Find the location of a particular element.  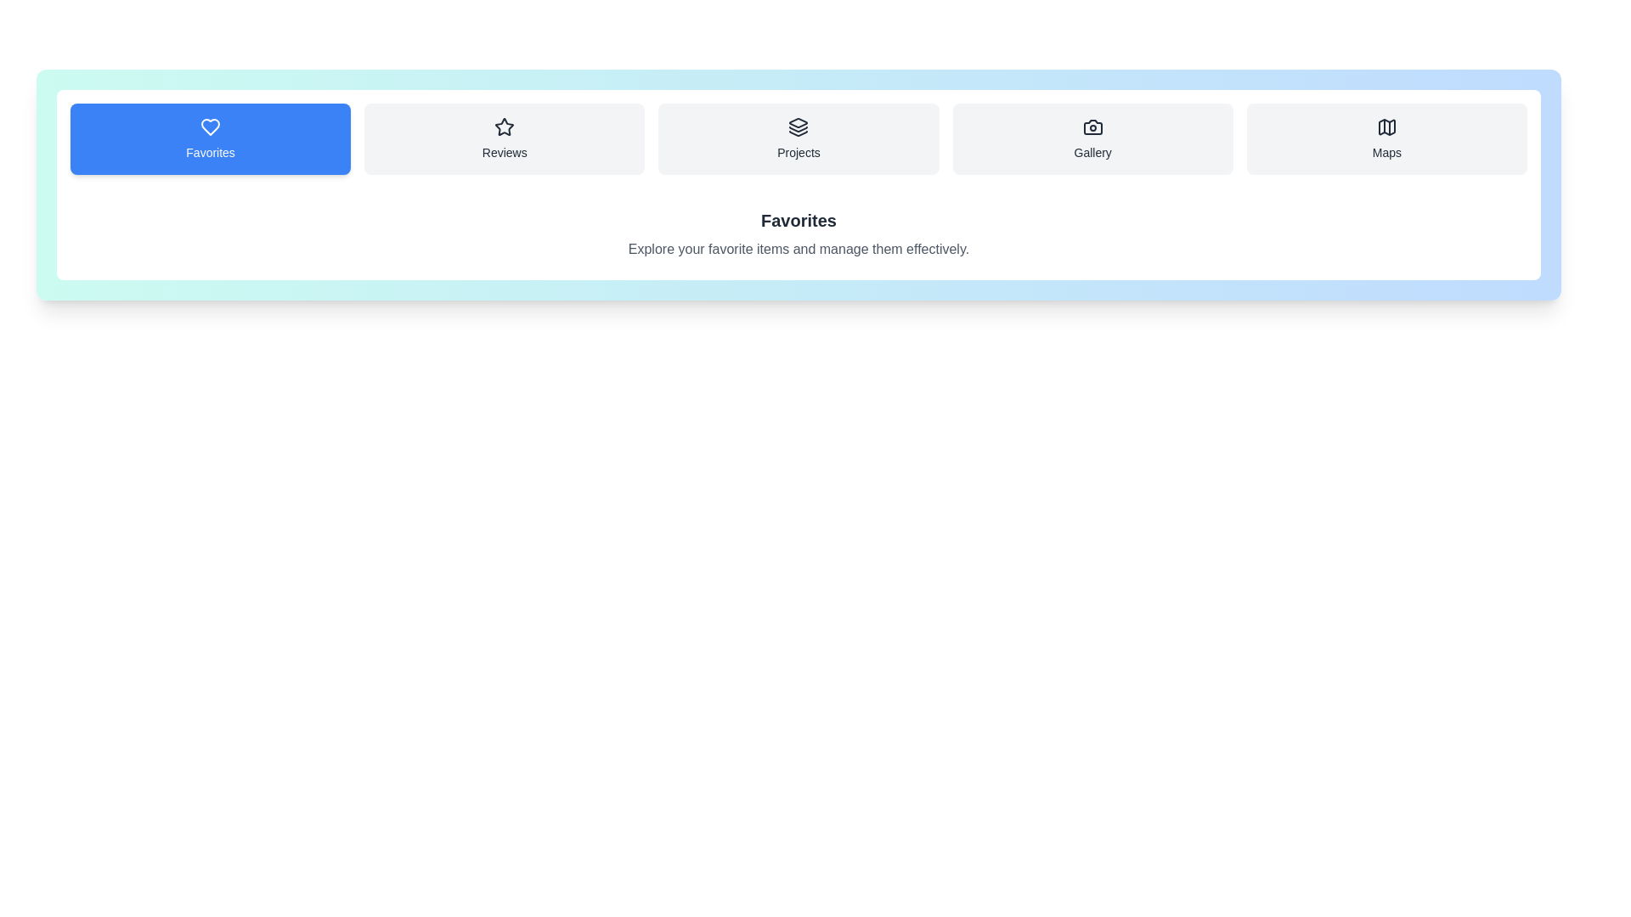

the Maps tab to switch to its content is located at coordinates (1386, 138).